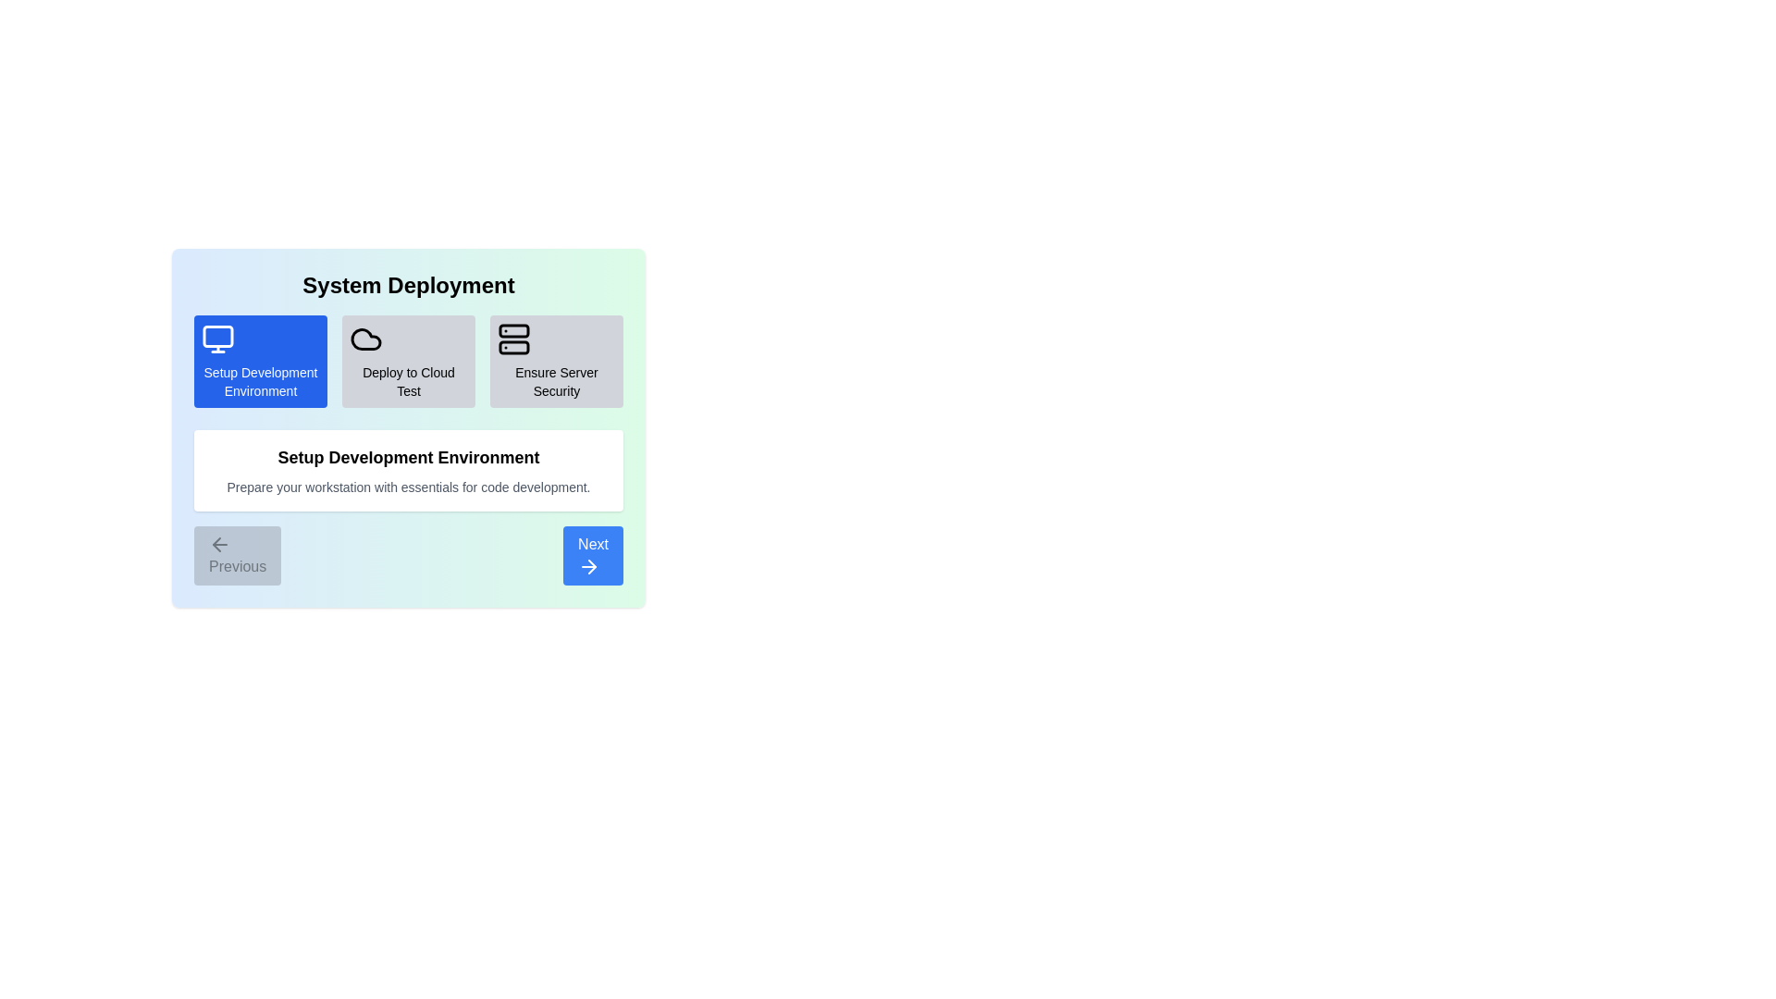 This screenshot has height=999, width=1776. What do you see at coordinates (407, 361) in the screenshot?
I see `the step Deploy to Cloud Test by clicking on its icon or title` at bounding box center [407, 361].